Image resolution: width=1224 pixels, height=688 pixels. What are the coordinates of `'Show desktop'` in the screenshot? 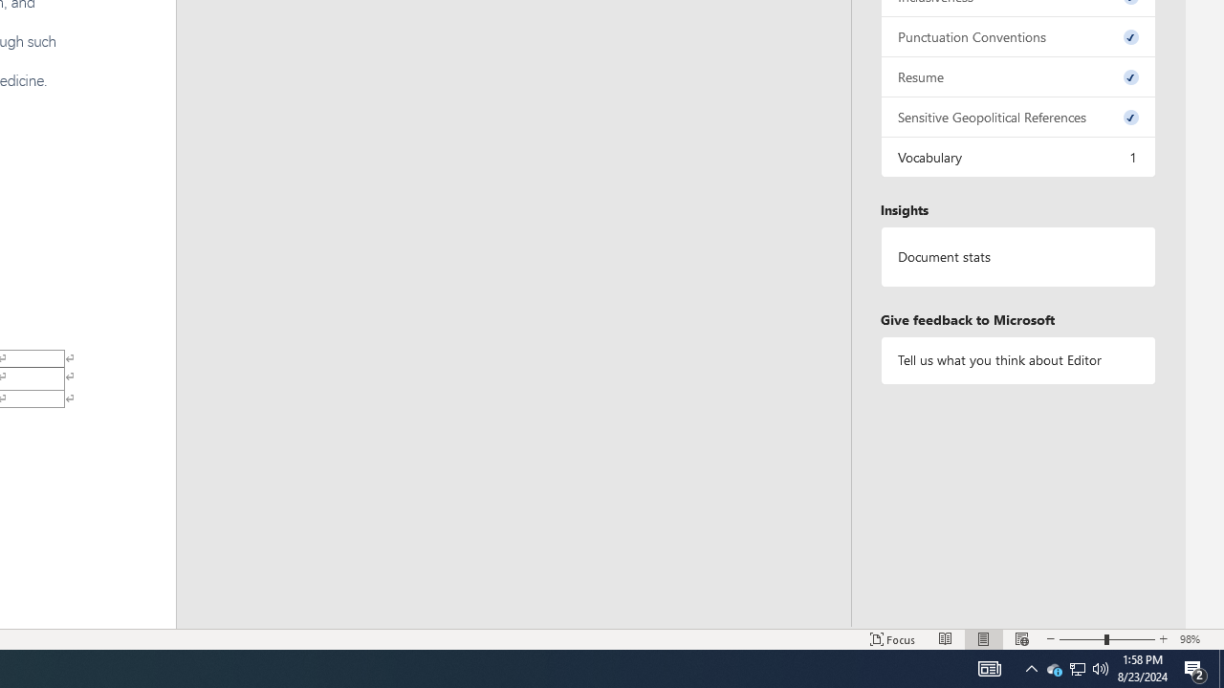 It's located at (1220, 667).